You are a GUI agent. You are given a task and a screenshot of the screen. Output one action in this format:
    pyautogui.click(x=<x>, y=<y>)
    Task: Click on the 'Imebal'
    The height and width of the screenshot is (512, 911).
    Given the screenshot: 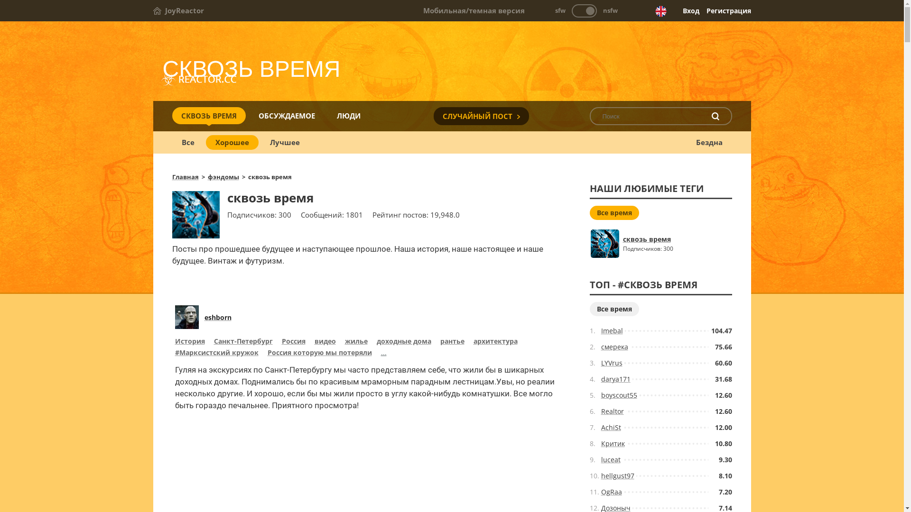 What is the action you would take?
    pyautogui.click(x=598, y=330)
    